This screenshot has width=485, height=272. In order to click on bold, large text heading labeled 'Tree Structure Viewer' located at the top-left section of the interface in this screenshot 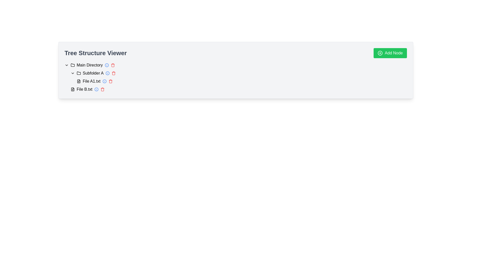, I will do `click(95, 53)`.